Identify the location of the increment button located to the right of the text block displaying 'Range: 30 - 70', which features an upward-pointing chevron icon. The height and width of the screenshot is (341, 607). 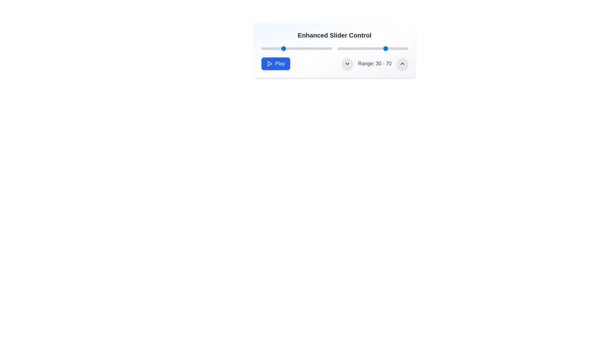
(402, 63).